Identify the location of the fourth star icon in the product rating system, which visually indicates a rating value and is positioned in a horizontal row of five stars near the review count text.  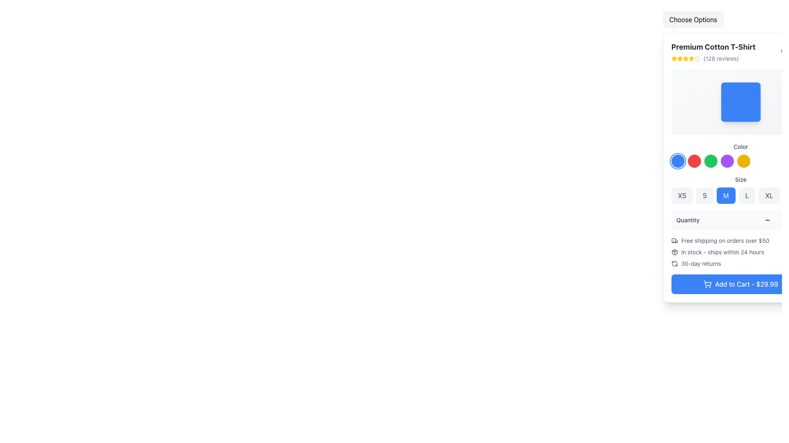
(685, 58).